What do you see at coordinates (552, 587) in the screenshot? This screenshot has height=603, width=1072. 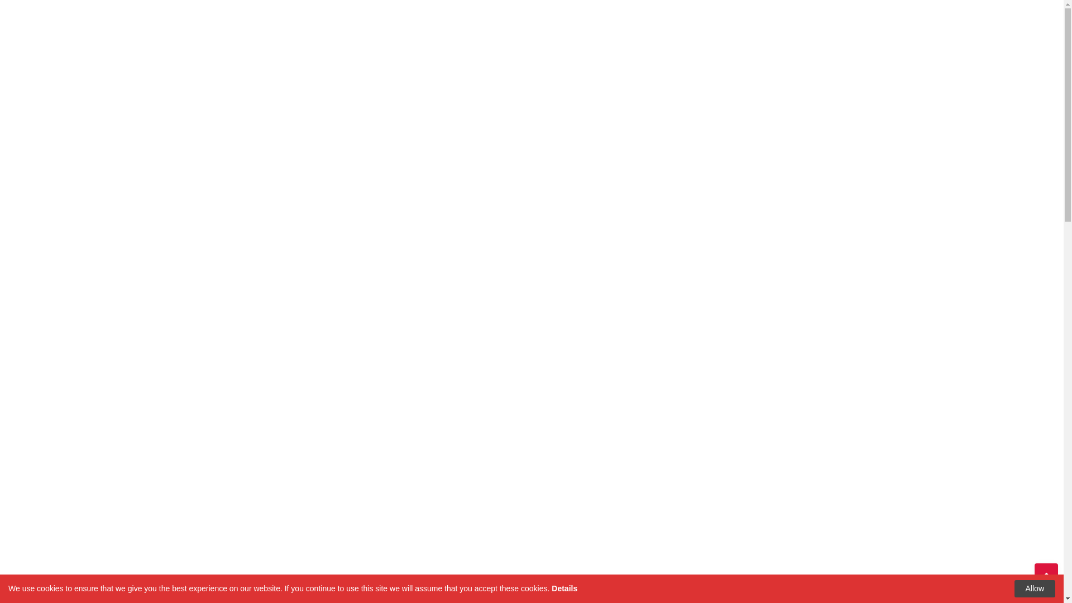 I see `'Details'` at bounding box center [552, 587].